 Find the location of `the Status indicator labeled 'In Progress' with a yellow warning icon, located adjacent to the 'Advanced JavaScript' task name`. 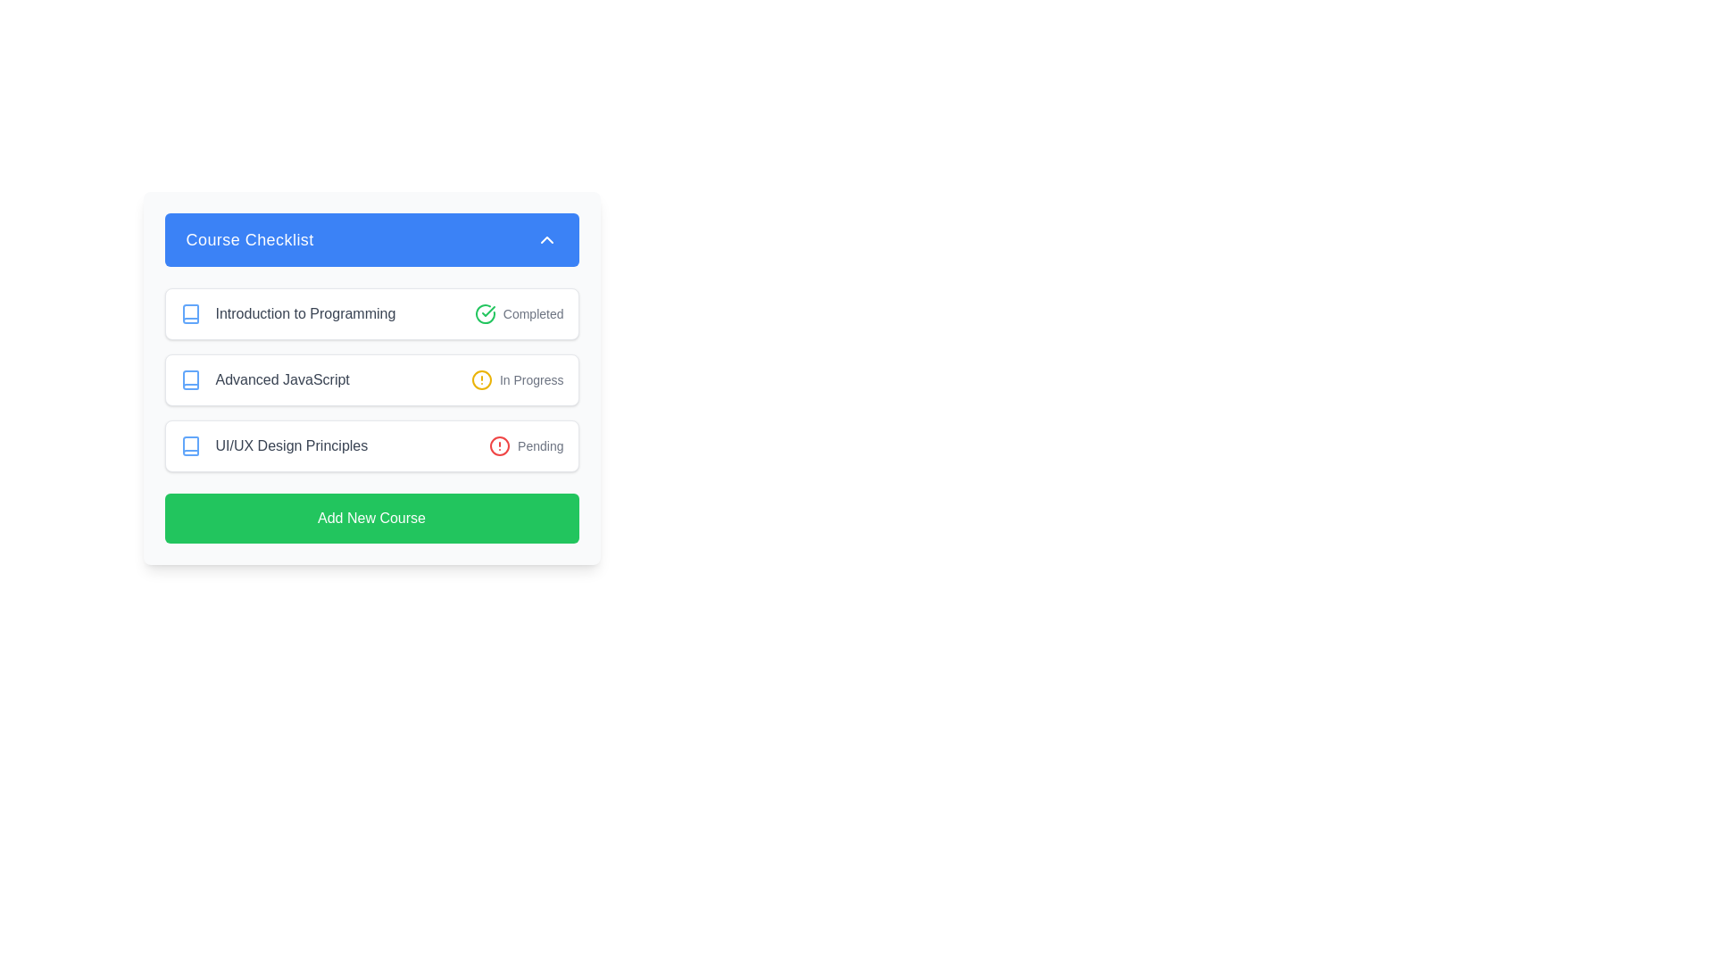

the Status indicator labeled 'In Progress' with a yellow warning icon, located adjacent to the 'Advanced JavaScript' task name is located at coordinates (516, 378).